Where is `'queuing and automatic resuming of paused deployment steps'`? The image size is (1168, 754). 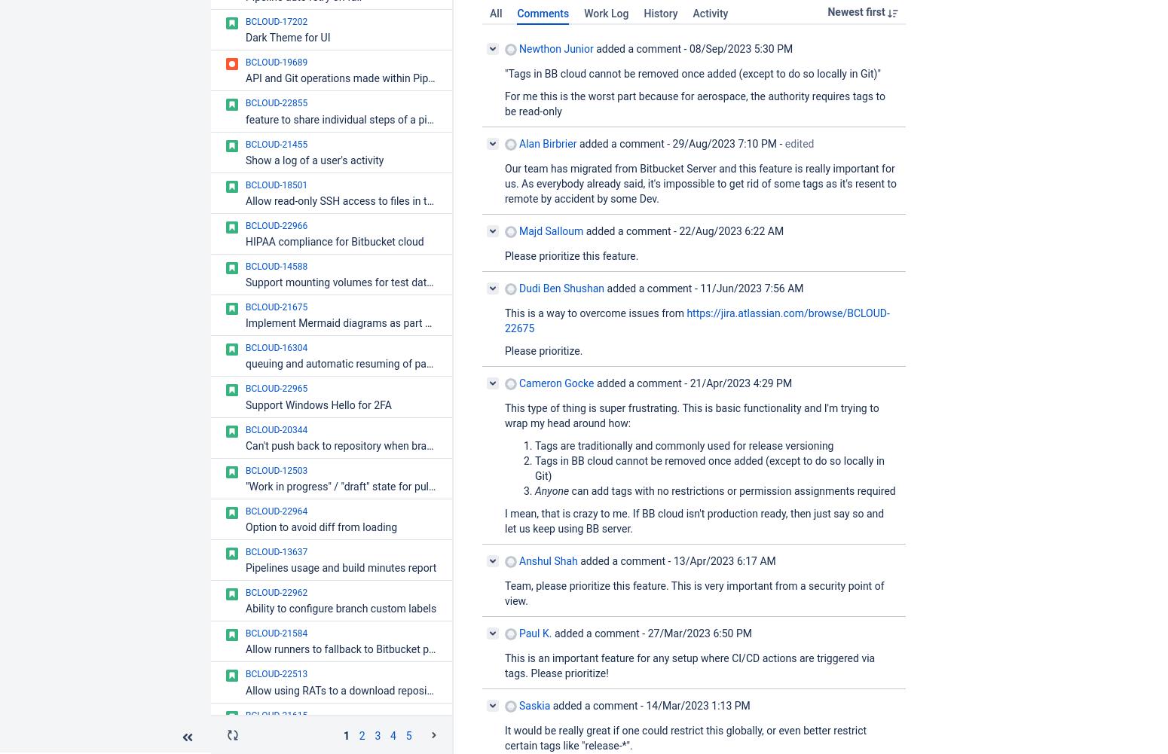 'queuing and automatic resuming of paused deployment steps' is located at coordinates (390, 363).